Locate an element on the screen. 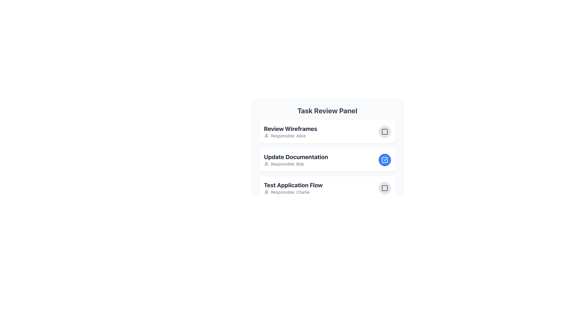  the user profile icon, which is a small silhouette of a person located to the left of the text 'Responsible: Bob' is located at coordinates (266, 164).